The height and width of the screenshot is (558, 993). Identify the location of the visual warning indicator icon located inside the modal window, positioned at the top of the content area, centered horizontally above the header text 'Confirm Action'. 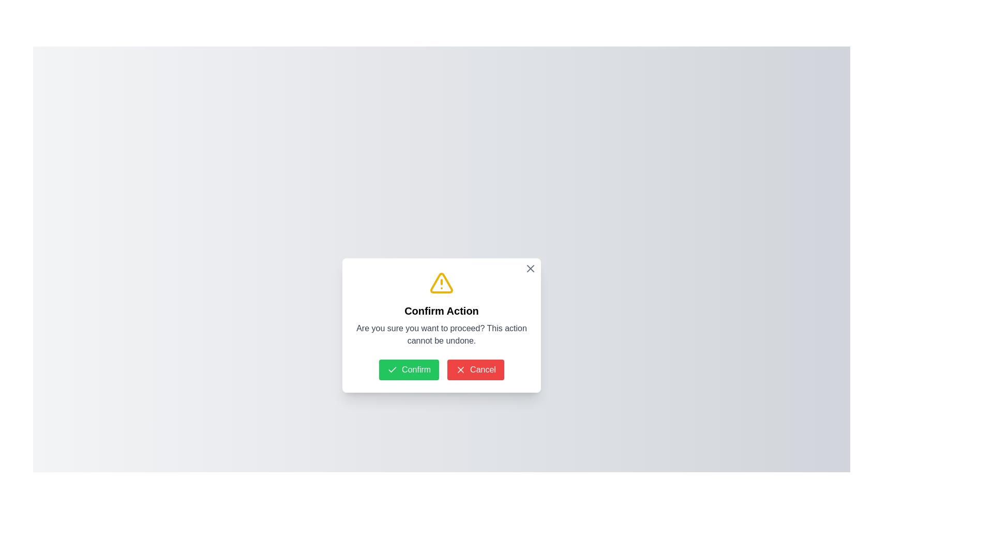
(442, 283).